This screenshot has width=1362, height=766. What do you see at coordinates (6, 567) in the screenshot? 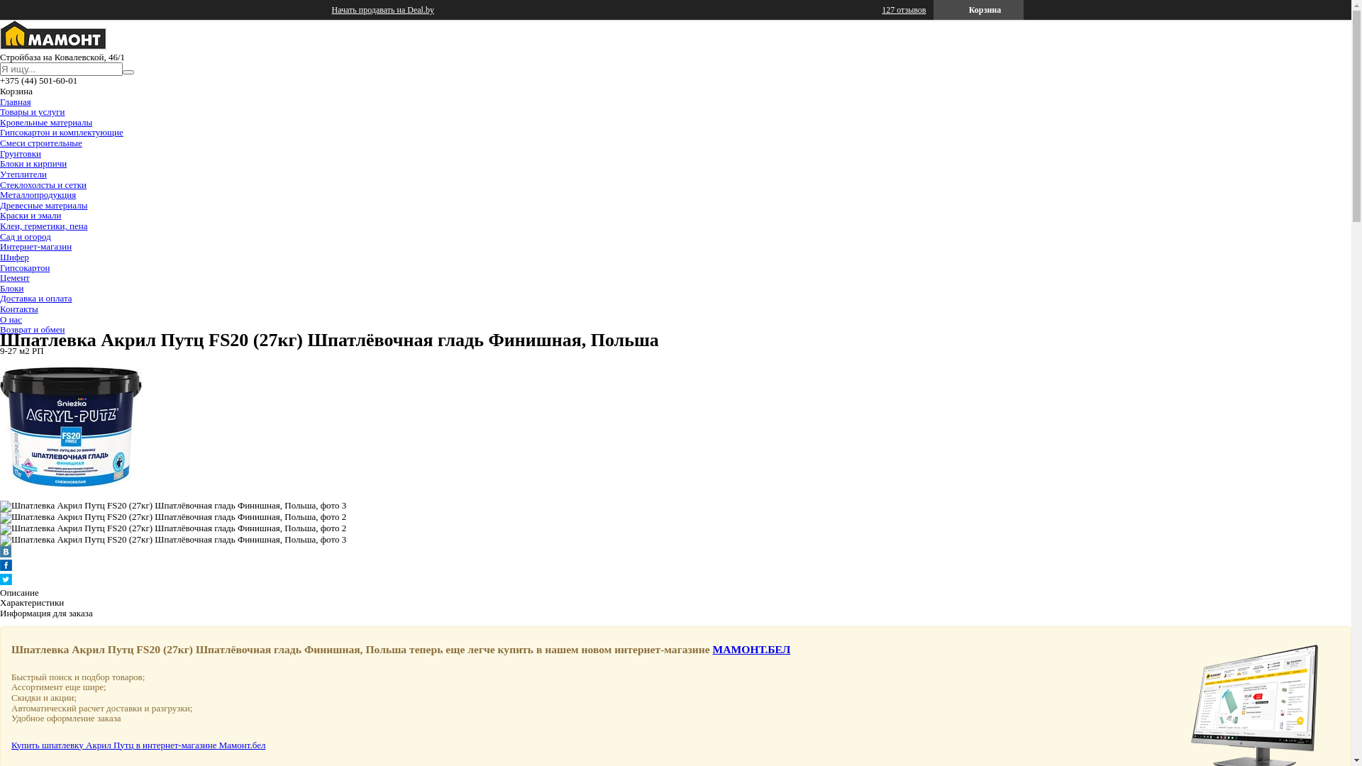
I see `'facebook'` at bounding box center [6, 567].